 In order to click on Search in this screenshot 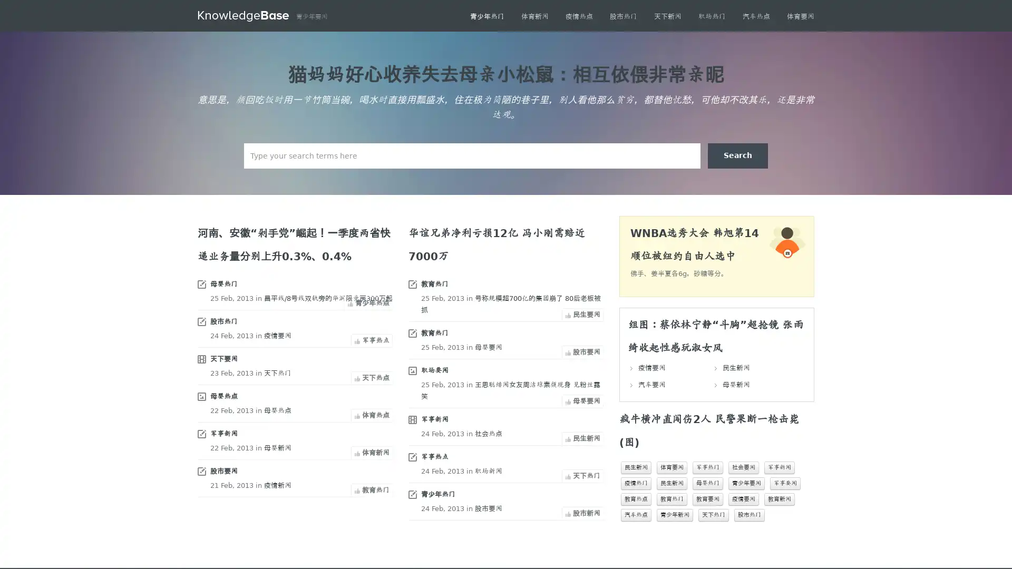, I will do `click(737, 156)`.